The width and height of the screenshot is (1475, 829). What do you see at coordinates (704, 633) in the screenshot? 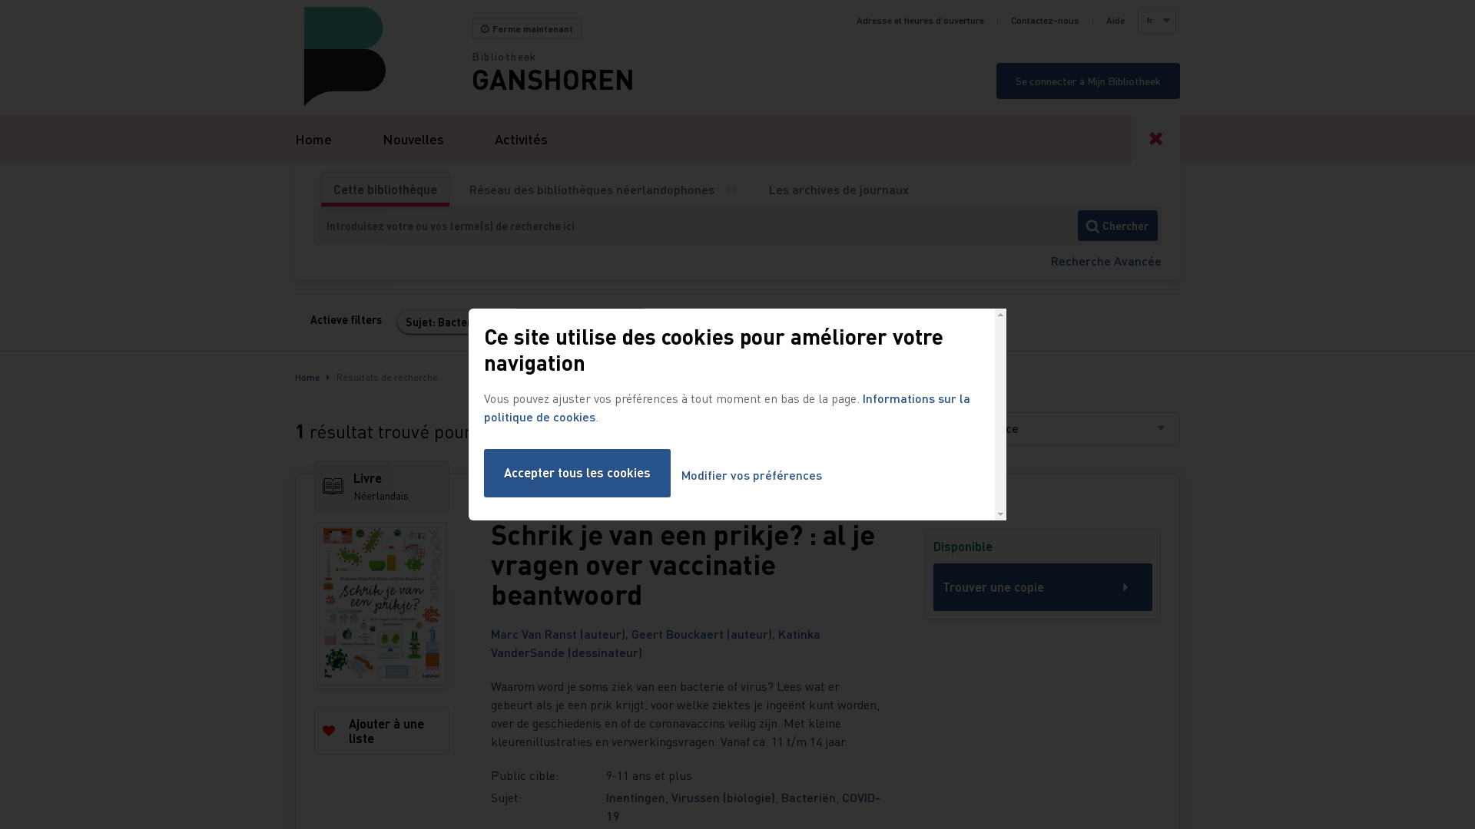
I see `'Geert Bouckaert (auteur),'` at bounding box center [704, 633].